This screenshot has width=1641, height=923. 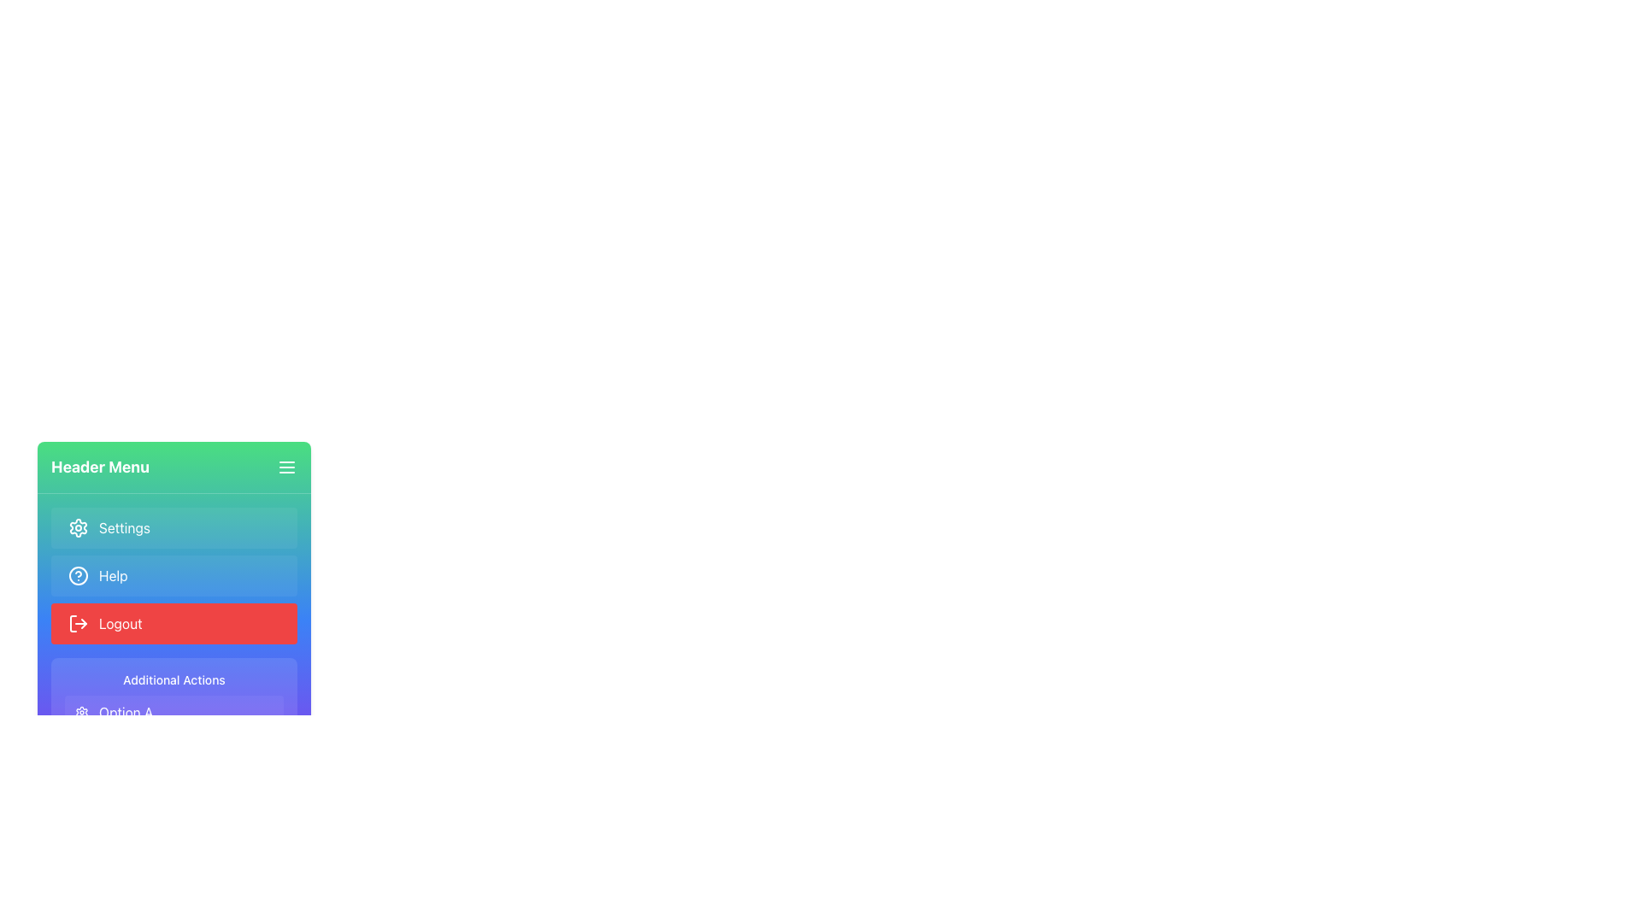 I want to click on the 'Logout' button, which has a red background with rounded corners and contains a white exit icon and the label 'Logout', so click(x=174, y=623).